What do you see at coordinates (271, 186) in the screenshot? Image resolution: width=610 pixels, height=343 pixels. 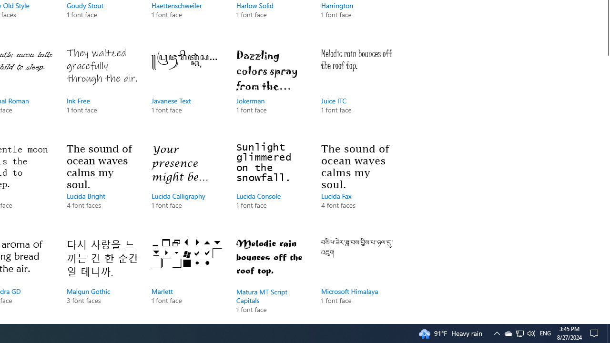 I see `'Lucida Console, 1 font face'` at bounding box center [271, 186].